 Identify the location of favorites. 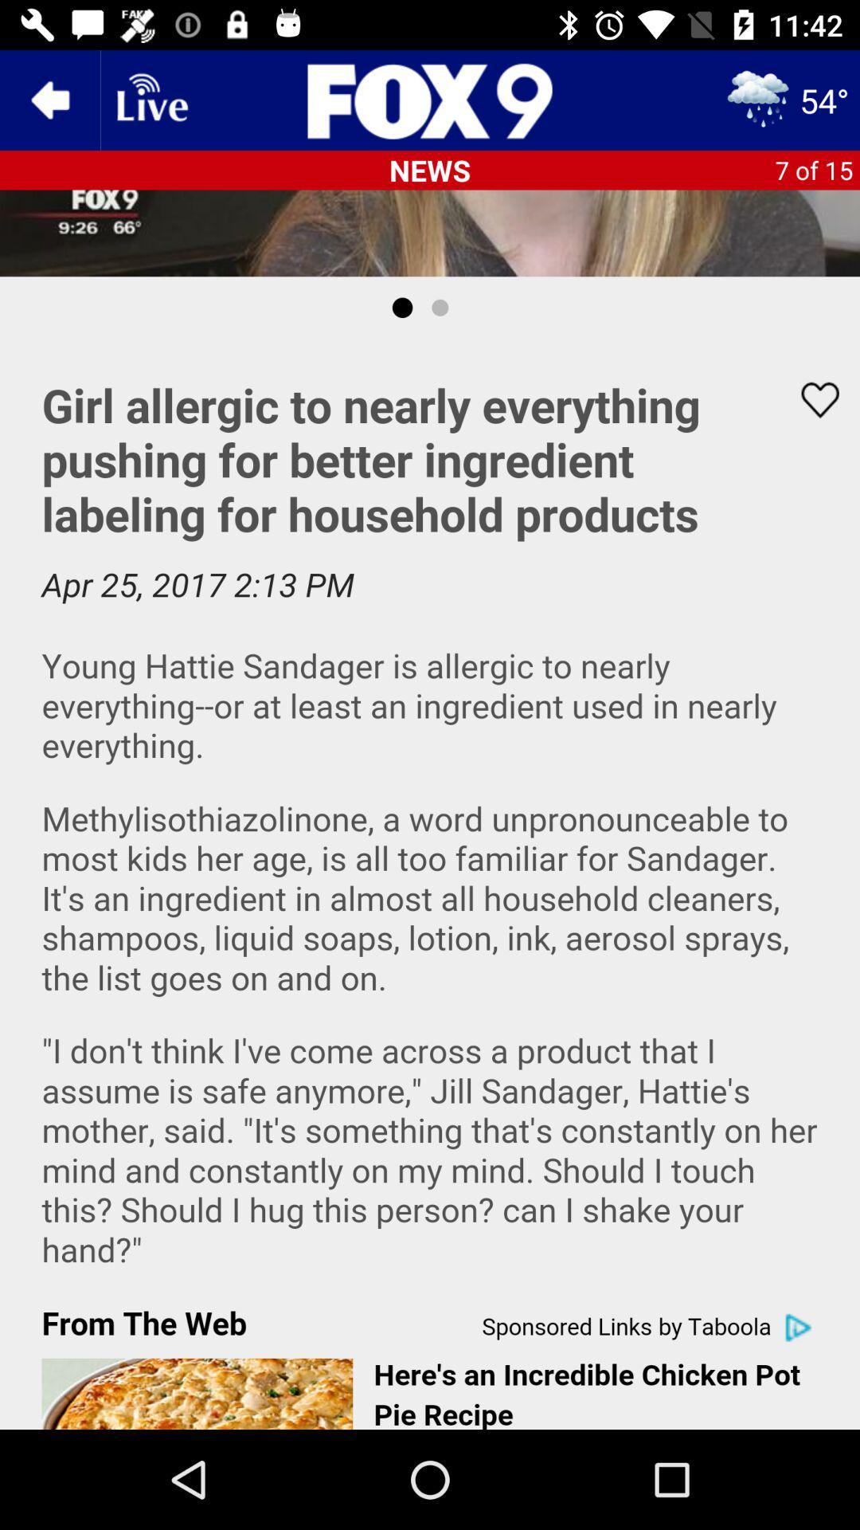
(810, 400).